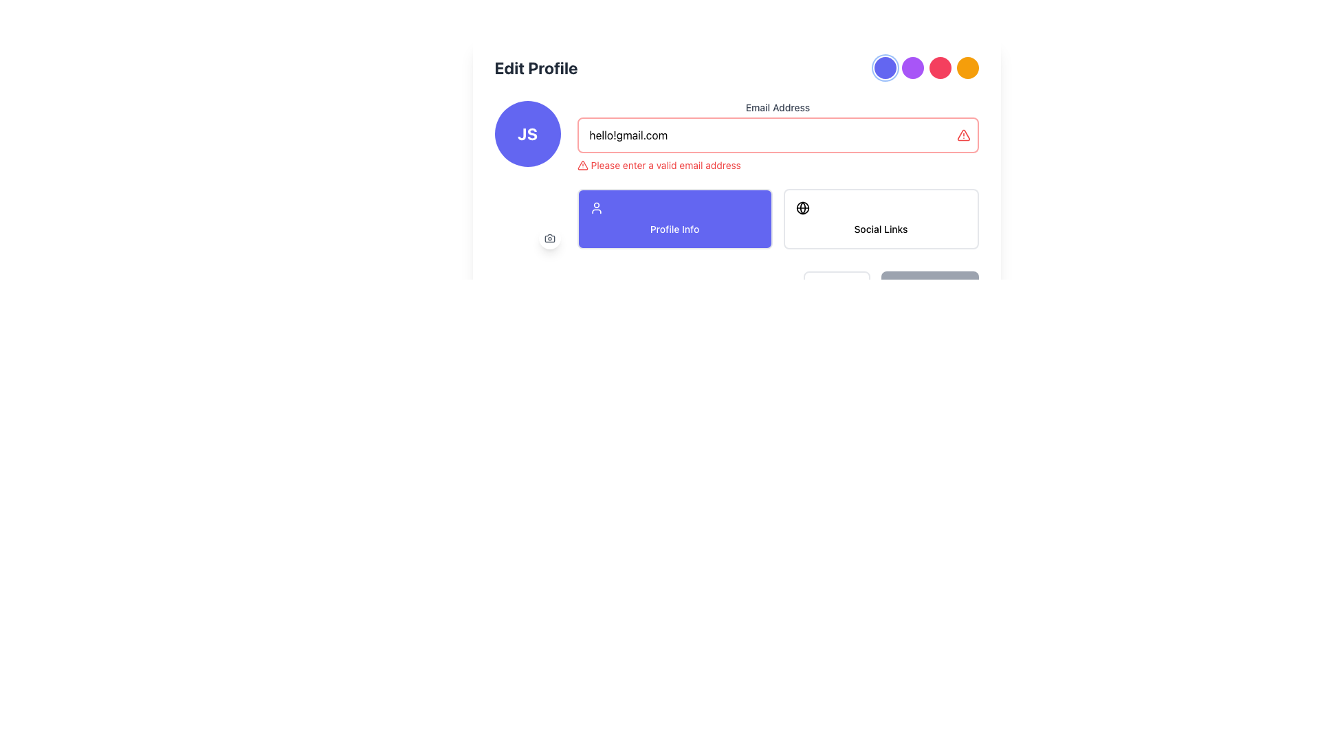  Describe the element at coordinates (881, 218) in the screenshot. I see `the 'Social Links' button, which is a rectangular button with a white background and a light gray border, featuring a globe icon and centered text, located in the right column of a two-button layout` at that location.